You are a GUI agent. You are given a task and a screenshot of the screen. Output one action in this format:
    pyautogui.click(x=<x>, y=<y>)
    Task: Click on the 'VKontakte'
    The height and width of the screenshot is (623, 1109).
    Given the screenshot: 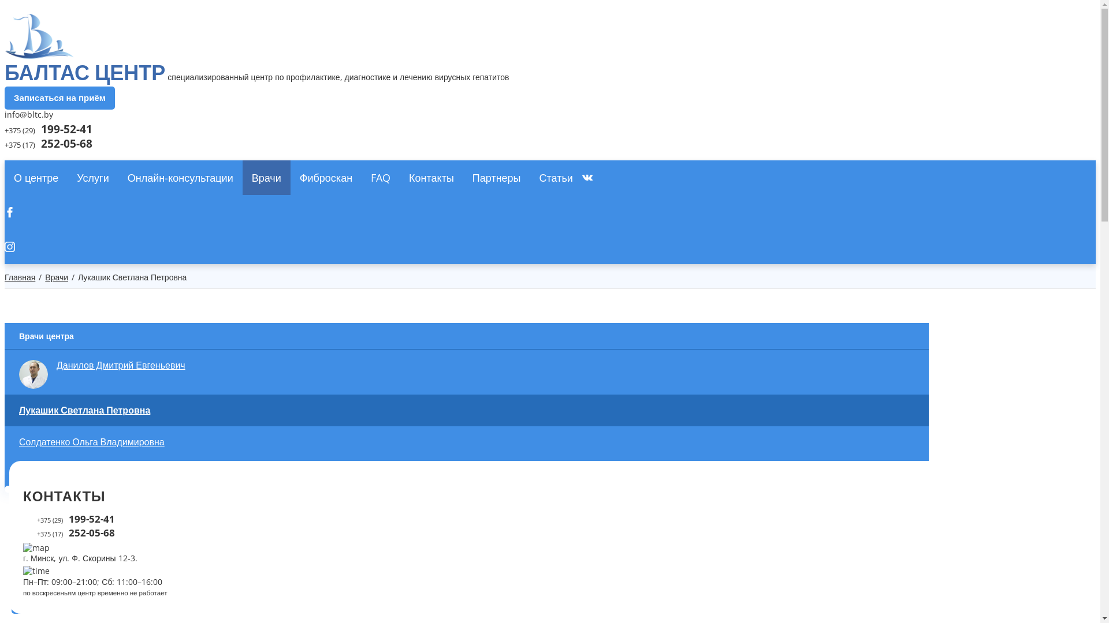 What is the action you would take?
    pyautogui.click(x=466, y=178)
    